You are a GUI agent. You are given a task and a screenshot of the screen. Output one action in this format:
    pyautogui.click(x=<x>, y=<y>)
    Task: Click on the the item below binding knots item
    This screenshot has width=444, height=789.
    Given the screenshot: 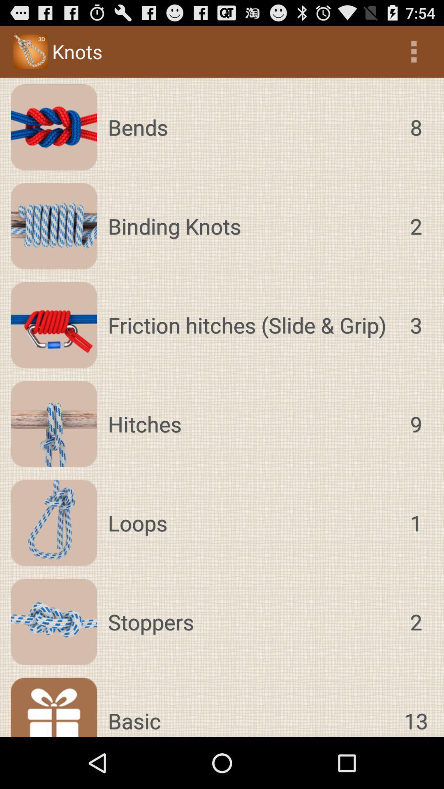 What is the action you would take?
    pyautogui.click(x=250, y=325)
    